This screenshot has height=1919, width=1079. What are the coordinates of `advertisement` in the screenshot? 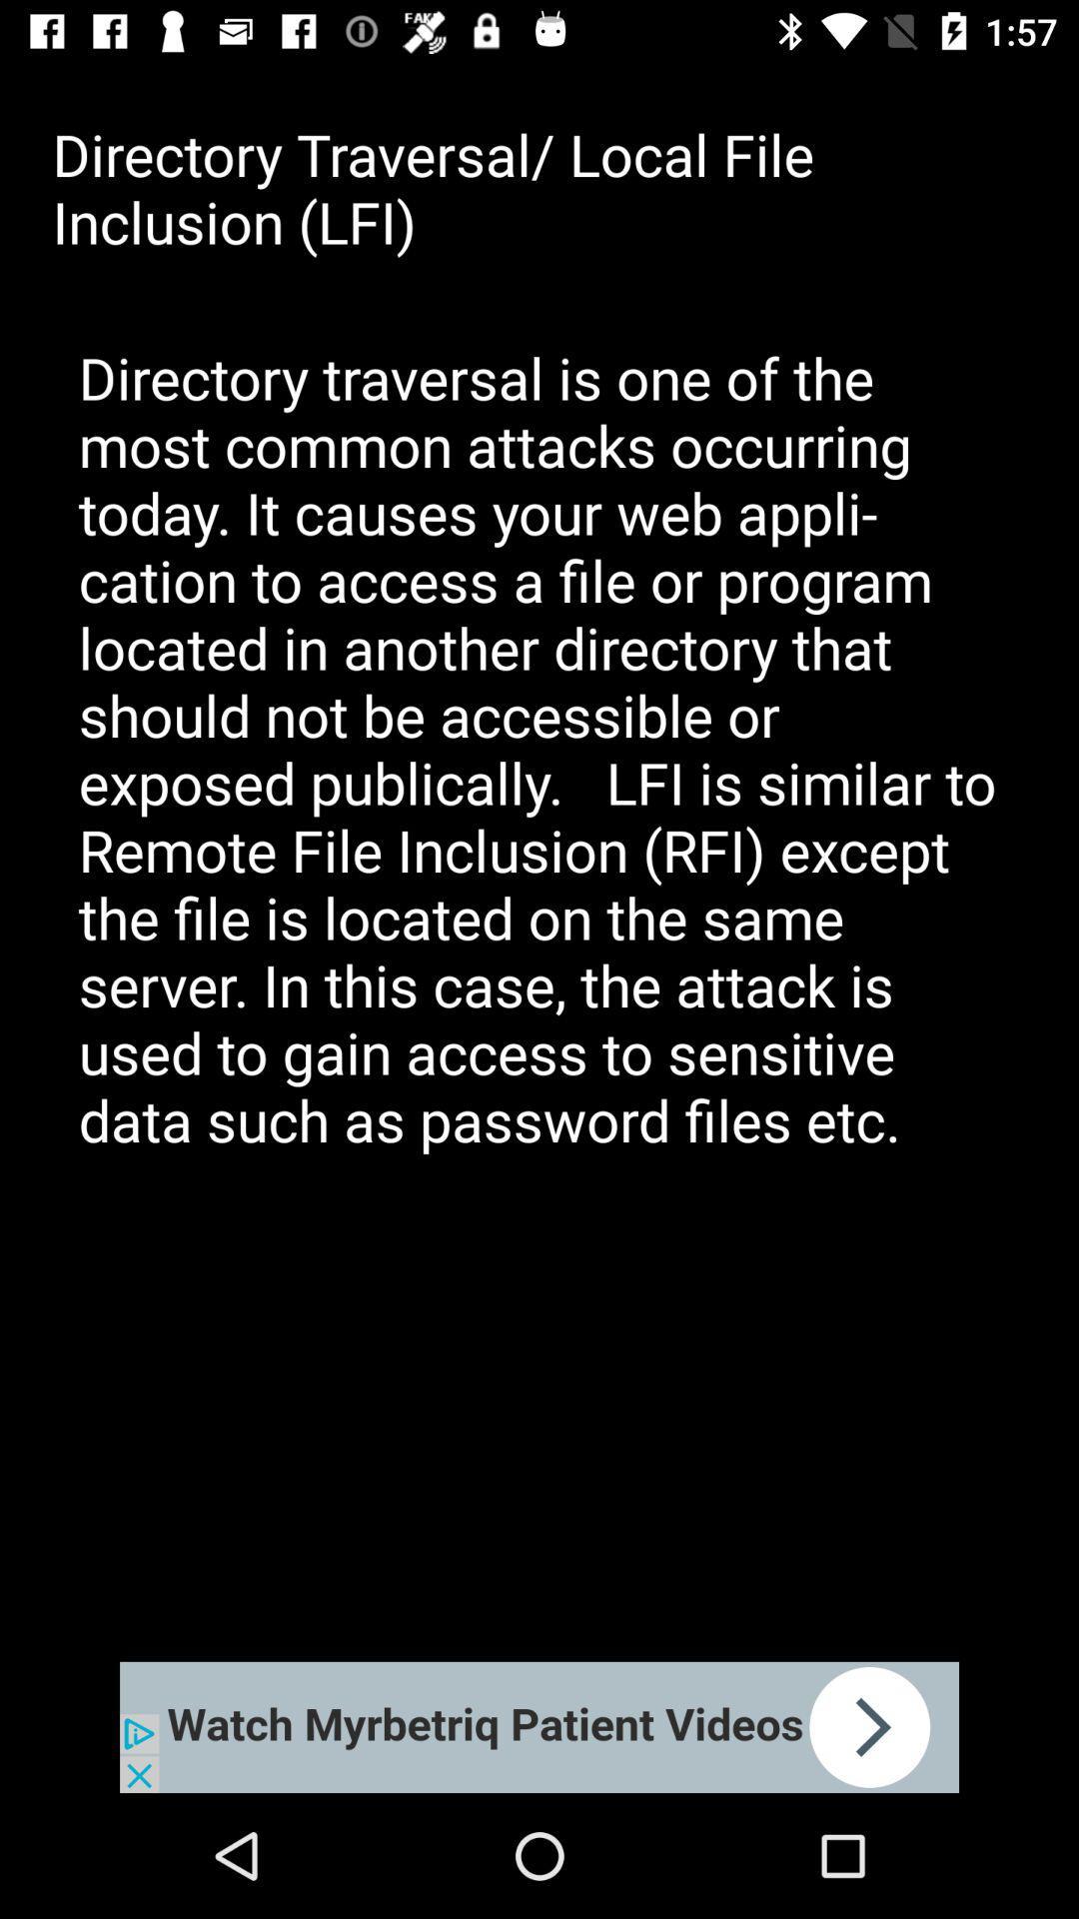 It's located at (539, 1726).